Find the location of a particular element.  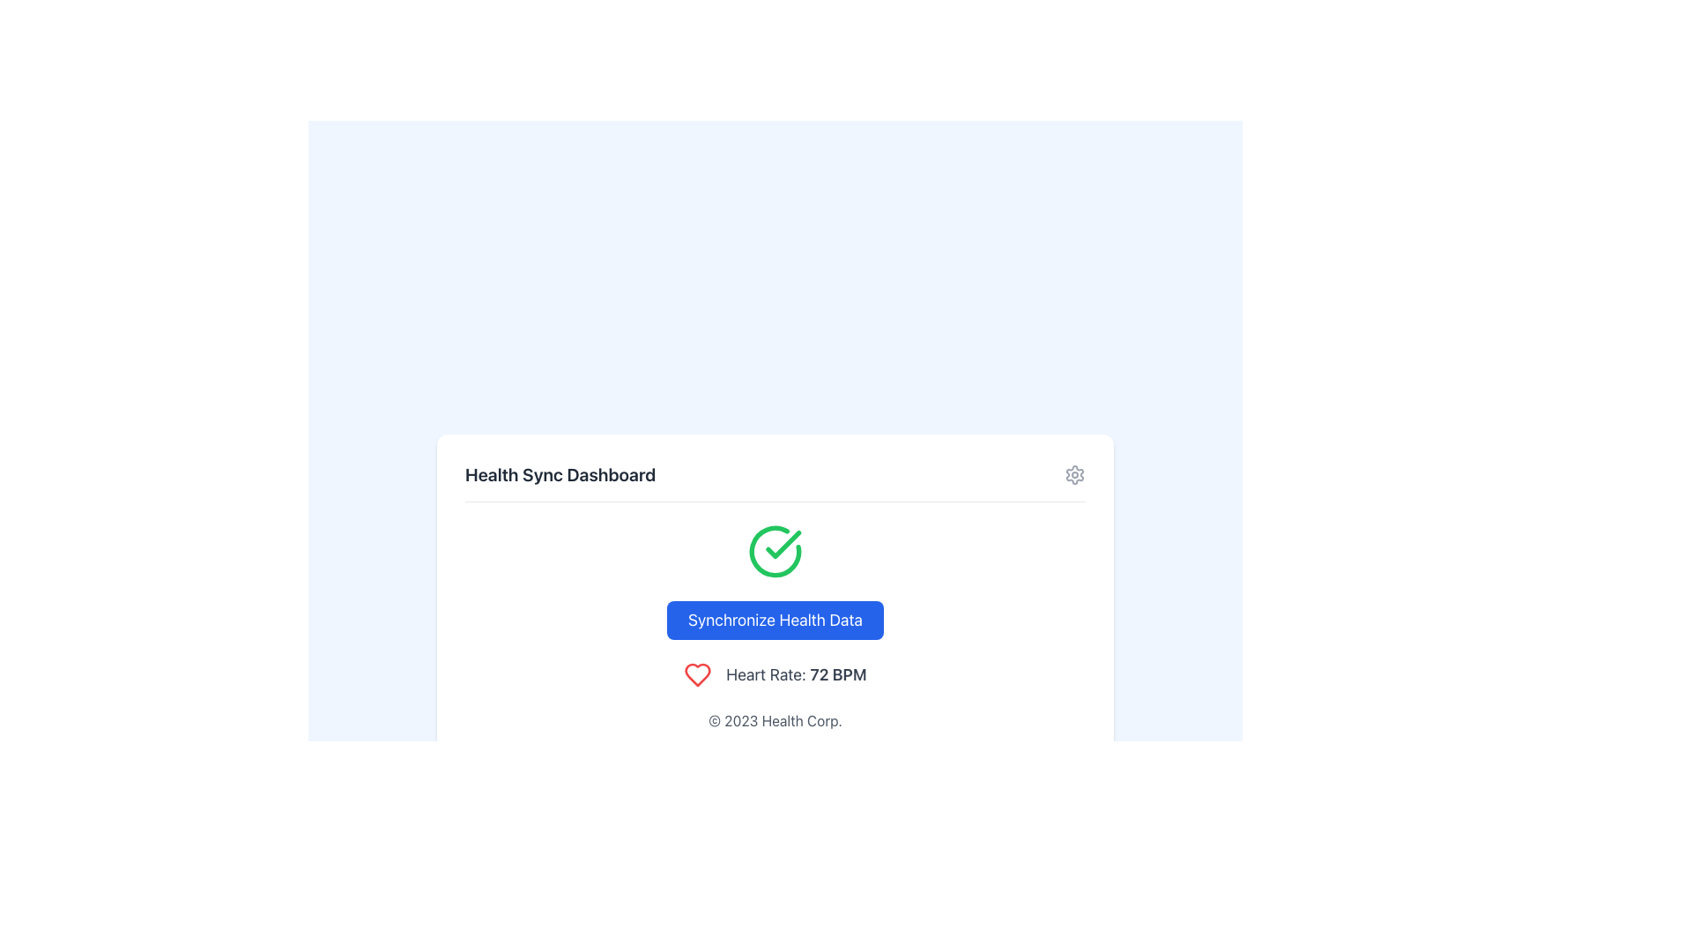

the status of the circular icon with a green outline and a green check mark that indicates successful completion, located at the center-top of the health status layout above the 'Synchronize Health Data' button is located at coordinates (775, 549).